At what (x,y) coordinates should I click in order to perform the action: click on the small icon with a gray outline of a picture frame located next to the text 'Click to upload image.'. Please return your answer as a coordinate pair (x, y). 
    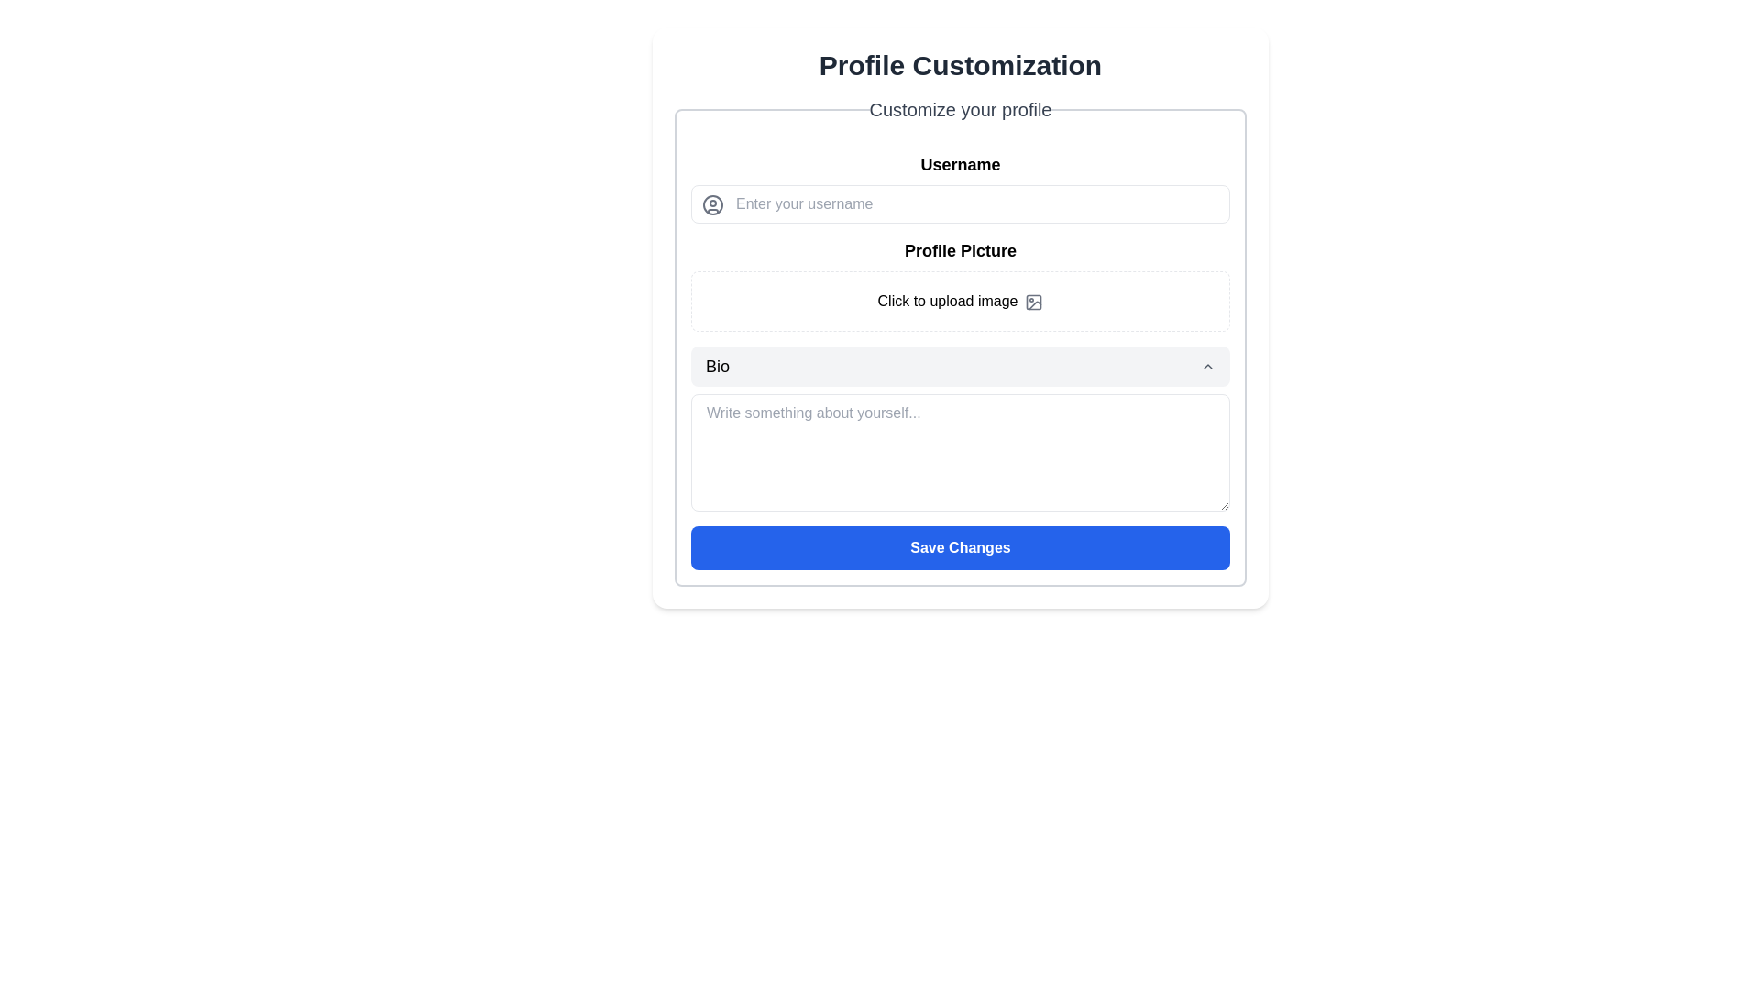
    Looking at the image, I should click on (1034, 301).